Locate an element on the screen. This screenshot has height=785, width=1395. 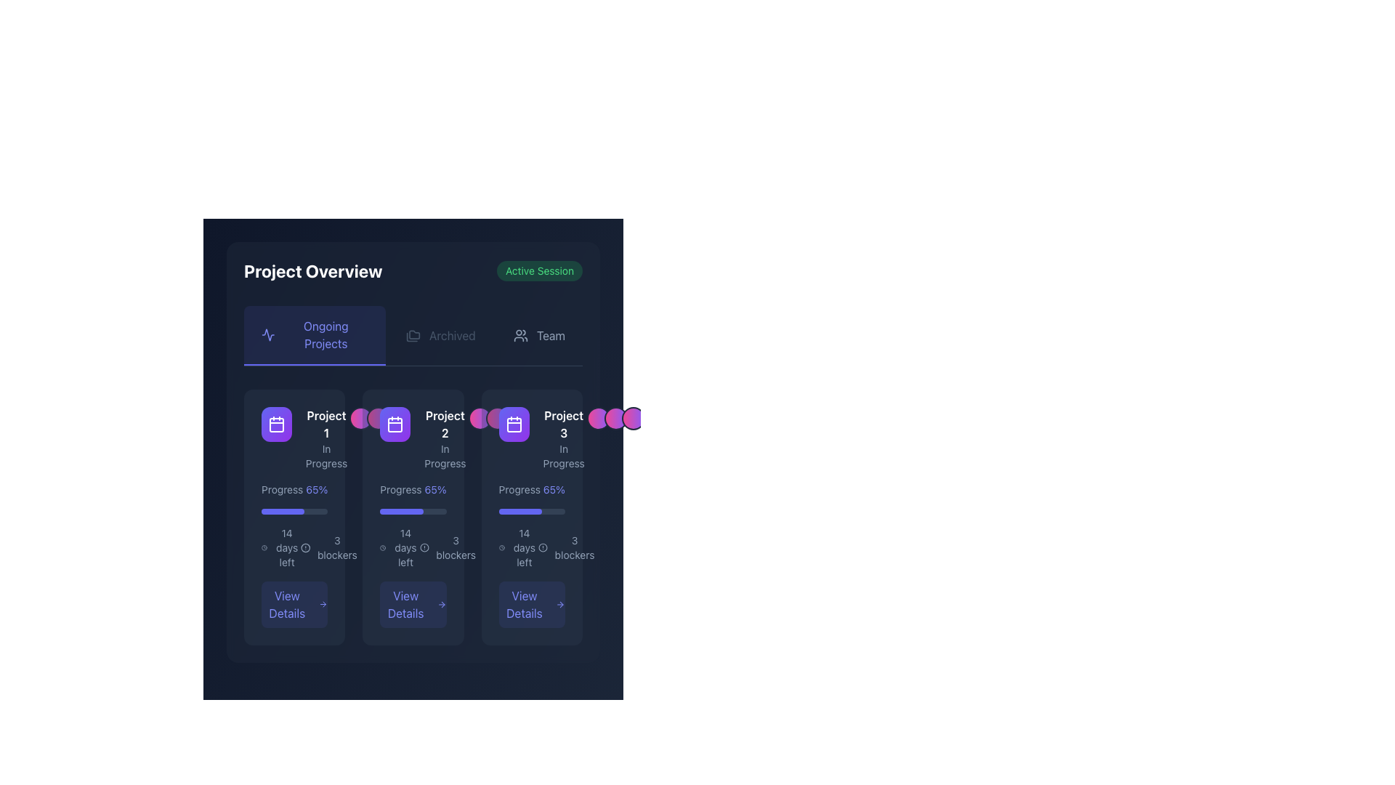
the group of avatars or profile pictures representing team members associated with 'Project 3', located is located at coordinates (615, 418).